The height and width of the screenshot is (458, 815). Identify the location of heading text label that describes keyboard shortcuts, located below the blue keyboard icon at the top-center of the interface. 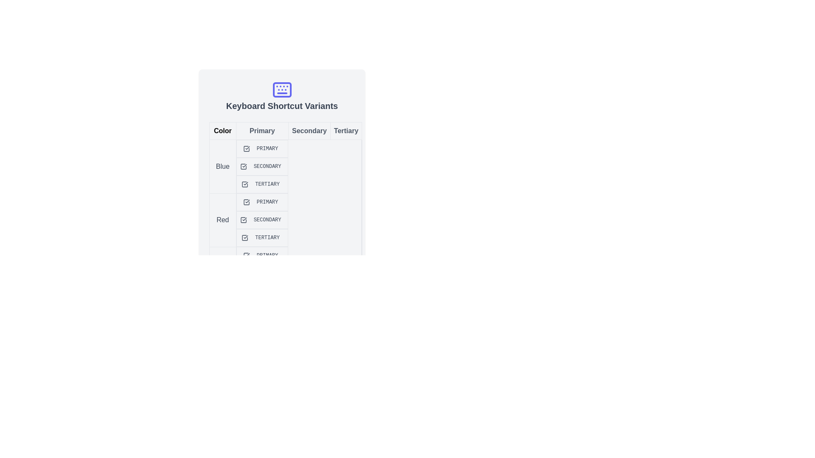
(282, 106).